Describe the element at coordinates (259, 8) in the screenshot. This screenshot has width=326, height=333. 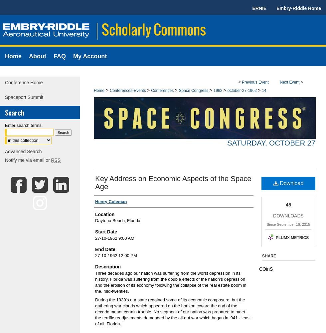
I see `'ERNIE'` at that location.